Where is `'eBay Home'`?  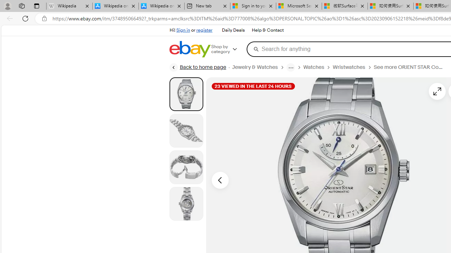
'eBay Home' is located at coordinates (190, 49).